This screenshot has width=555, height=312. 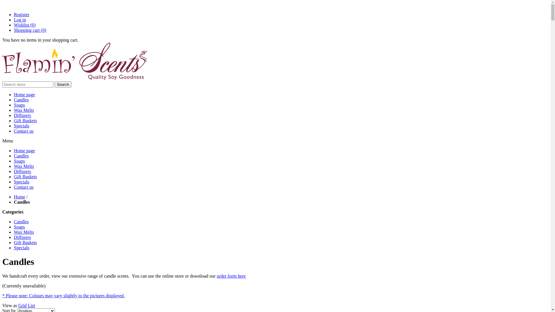 What do you see at coordinates (14, 30) in the screenshot?
I see `'Shopping cart (0)'` at bounding box center [14, 30].